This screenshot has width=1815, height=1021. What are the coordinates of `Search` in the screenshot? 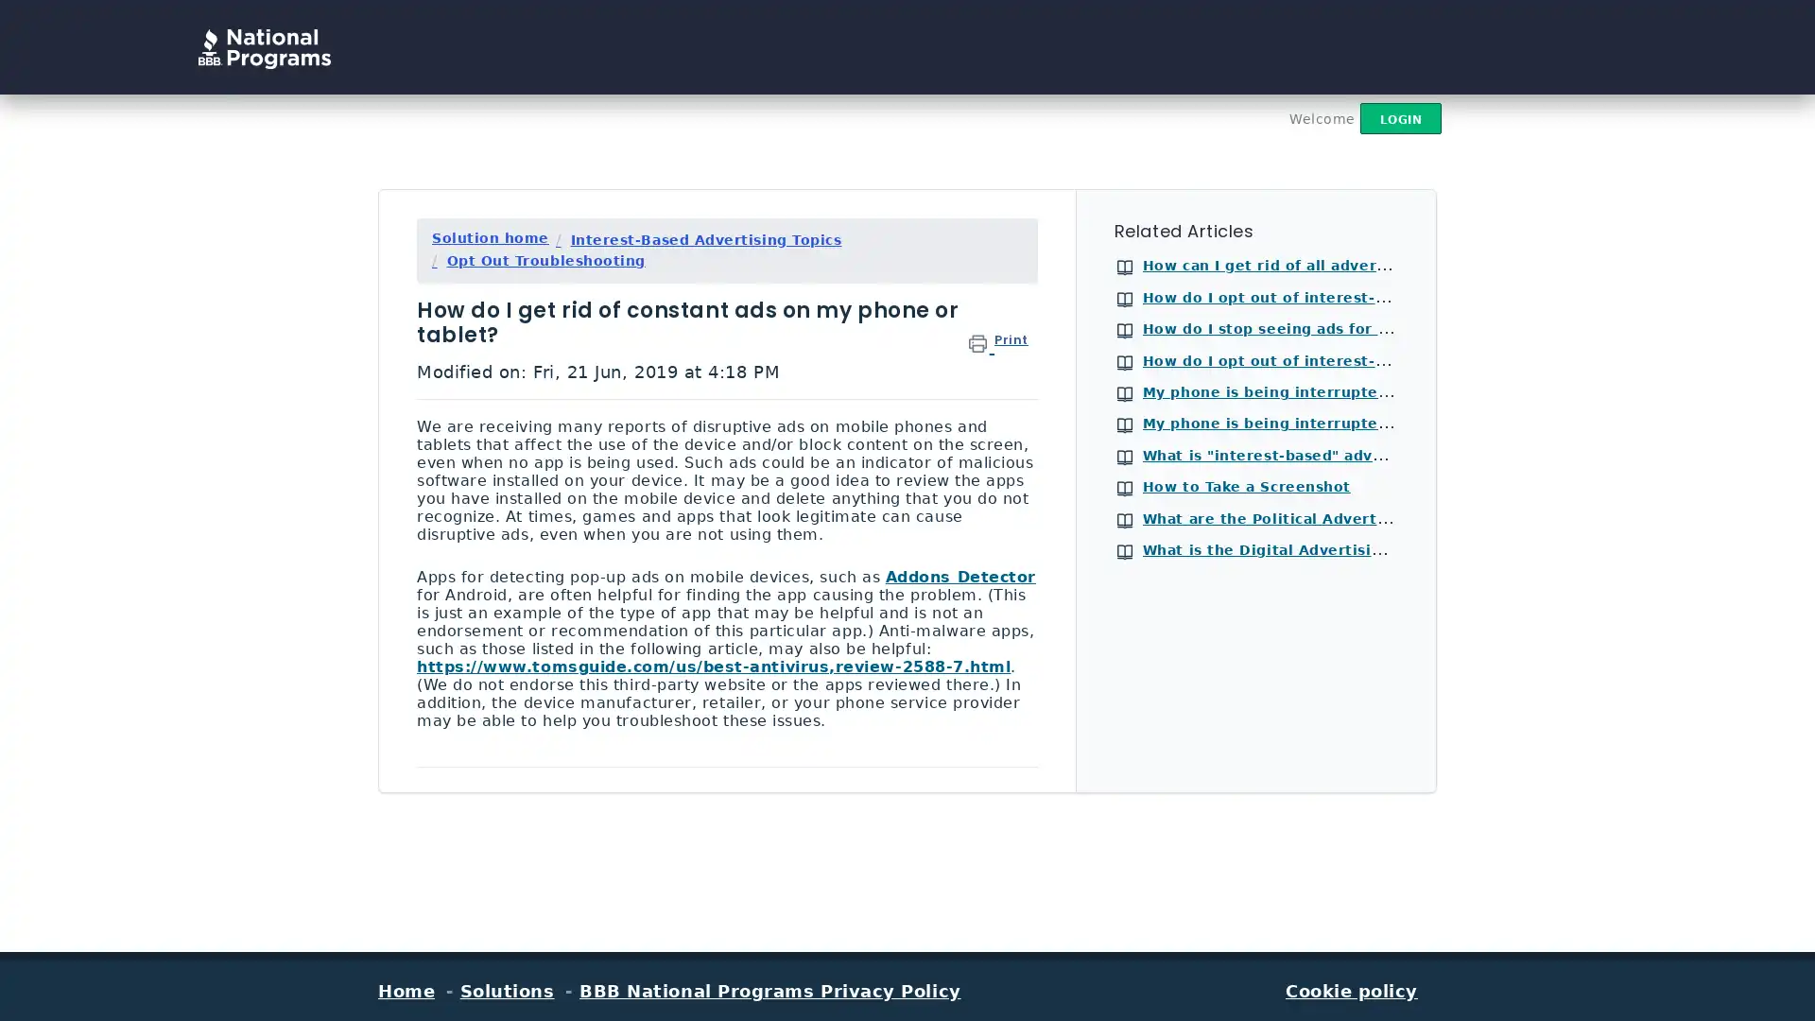 It's located at (417, 71).